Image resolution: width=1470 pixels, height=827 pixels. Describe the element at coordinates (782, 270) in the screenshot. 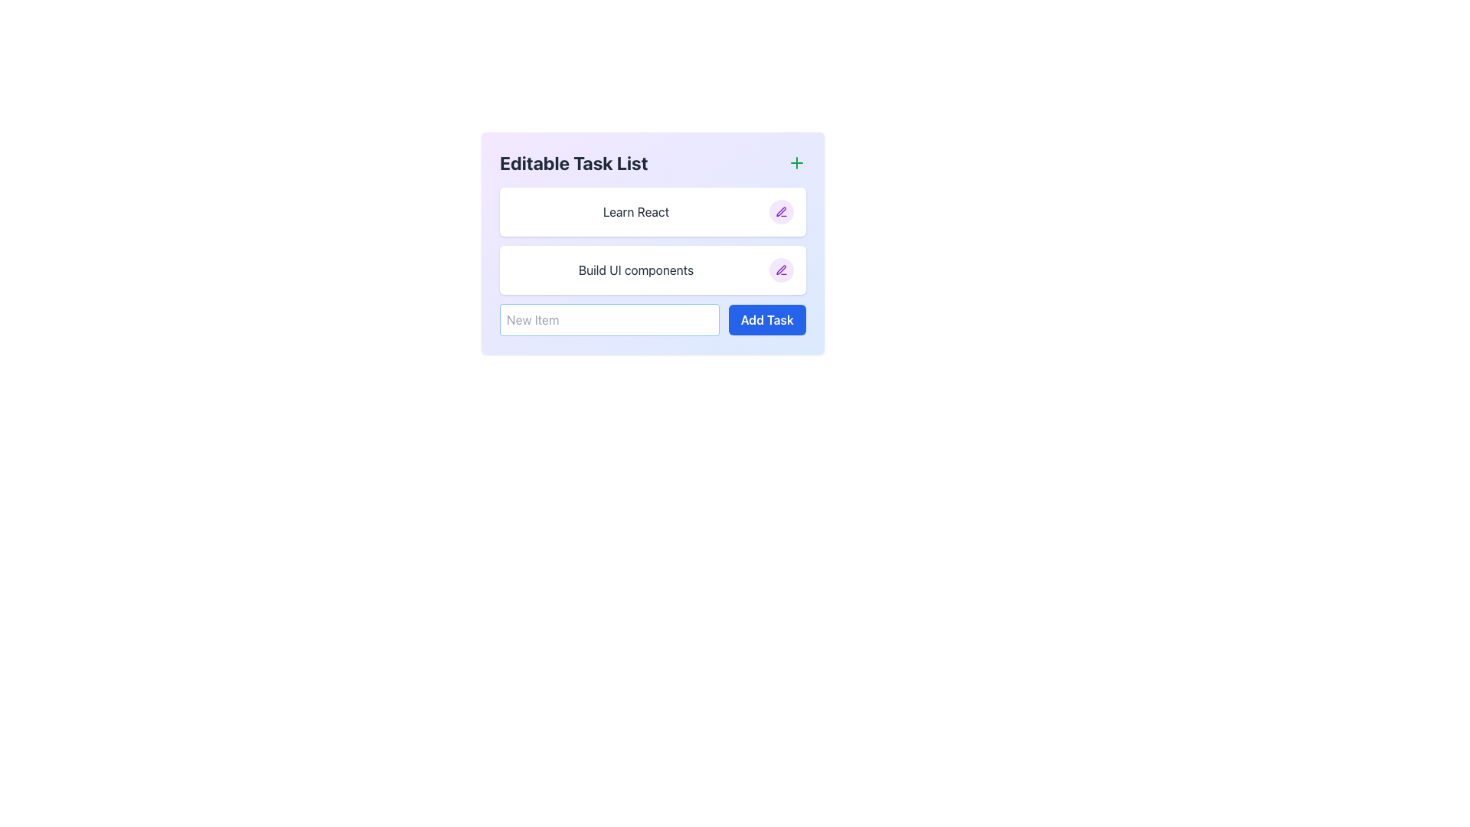

I see `the edit button for the 'Build UI components' task` at that location.